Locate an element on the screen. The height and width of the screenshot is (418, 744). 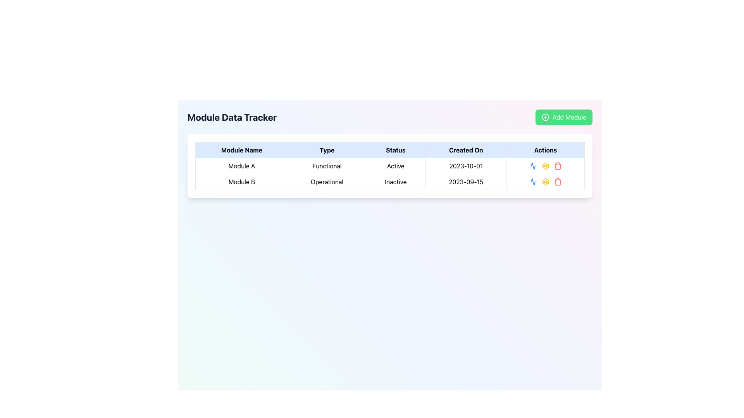
the tabular row containing 'Module B', 'Operational', 'Inactive', and '2023-09-15' is located at coordinates (390, 182).